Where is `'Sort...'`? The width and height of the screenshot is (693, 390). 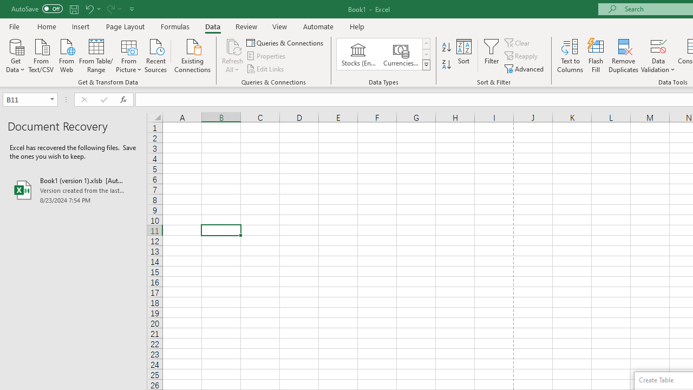 'Sort...' is located at coordinates (463, 56).